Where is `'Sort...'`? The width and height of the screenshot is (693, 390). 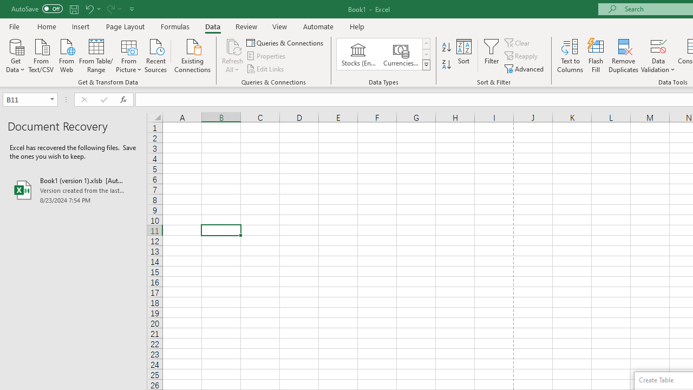 'Sort...' is located at coordinates (463, 56).